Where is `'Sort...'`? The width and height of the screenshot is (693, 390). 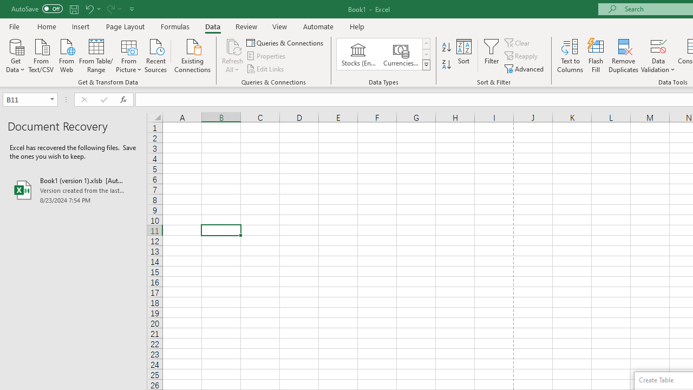 'Sort...' is located at coordinates (463, 56).